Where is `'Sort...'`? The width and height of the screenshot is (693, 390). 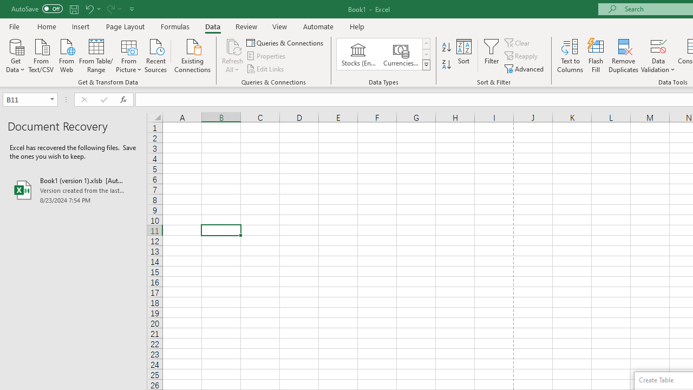 'Sort...' is located at coordinates (463, 56).